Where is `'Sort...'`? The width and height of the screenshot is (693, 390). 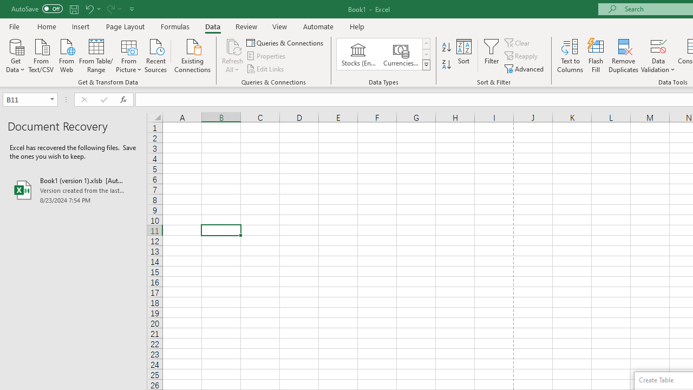 'Sort...' is located at coordinates (463, 56).